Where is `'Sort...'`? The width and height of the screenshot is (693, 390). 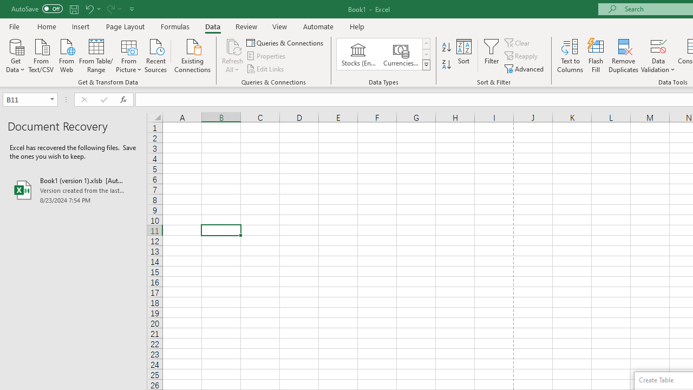 'Sort...' is located at coordinates (463, 56).